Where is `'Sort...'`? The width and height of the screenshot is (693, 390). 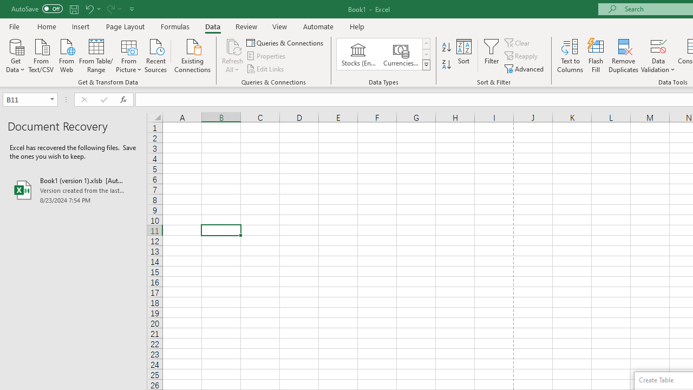 'Sort...' is located at coordinates (463, 56).